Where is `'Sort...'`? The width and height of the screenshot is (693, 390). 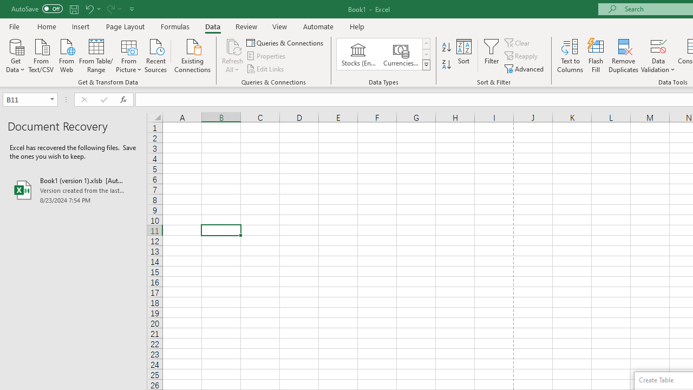 'Sort...' is located at coordinates (463, 56).